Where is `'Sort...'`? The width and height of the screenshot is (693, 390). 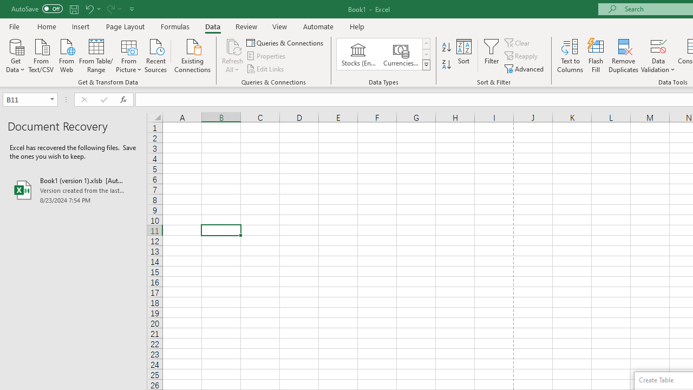 'Sort...' is located at coordinates (463, 56).